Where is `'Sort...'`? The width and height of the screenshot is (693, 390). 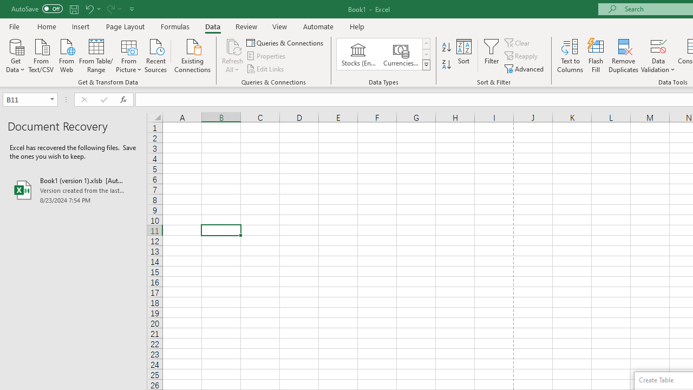 'Sort...' is located at coordinates (463, 56).